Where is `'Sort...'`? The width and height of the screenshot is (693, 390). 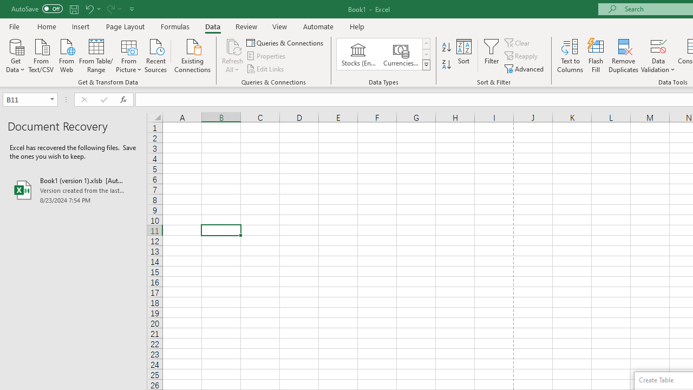 'Sort...' is located at coordinates (463, 56).